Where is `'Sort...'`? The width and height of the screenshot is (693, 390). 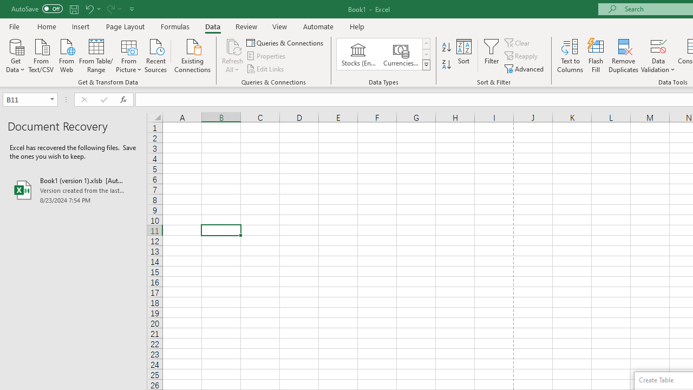 'Sort...' is located at coordinates (463, 56).